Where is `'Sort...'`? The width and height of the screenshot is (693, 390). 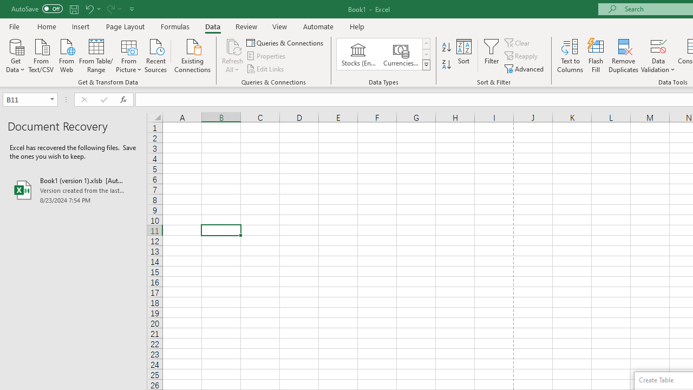 'Sort...' is located at coordinates (463, 56).